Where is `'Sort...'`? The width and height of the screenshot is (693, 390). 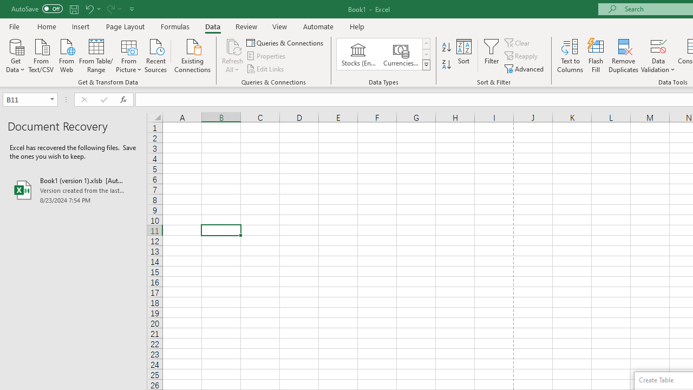 'Sort...' is located at coordinates (463, 56).